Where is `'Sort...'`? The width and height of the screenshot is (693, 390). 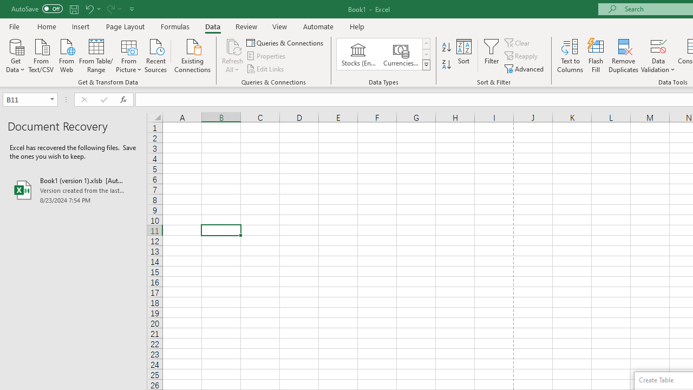 'Sort...' is located at coordinates (463, 56).